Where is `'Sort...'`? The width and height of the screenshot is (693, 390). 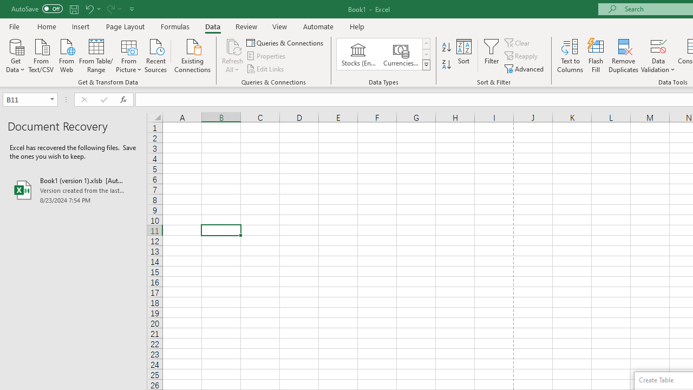 'Sort...' is located at coordinates (463, 56).